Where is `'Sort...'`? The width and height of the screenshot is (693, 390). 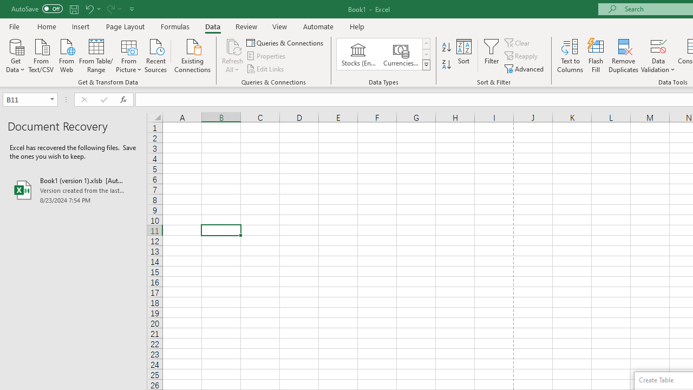 'Sort...' is located at coordinates (463, 56).